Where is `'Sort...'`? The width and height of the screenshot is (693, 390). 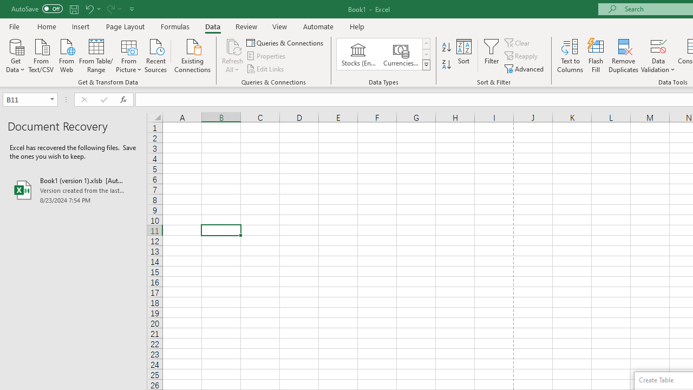 'Sort...' is located at coordinates (463, 56).